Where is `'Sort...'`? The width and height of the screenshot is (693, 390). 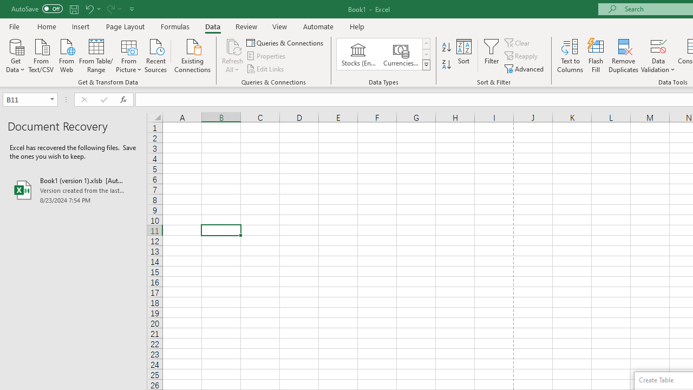 'Sort...' is located at coordinates (463, 56).